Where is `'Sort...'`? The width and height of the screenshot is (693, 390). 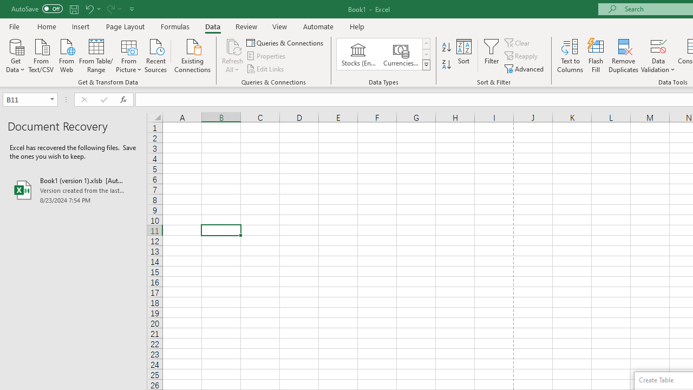 'Sort...' is located at coordinates (463, 56).